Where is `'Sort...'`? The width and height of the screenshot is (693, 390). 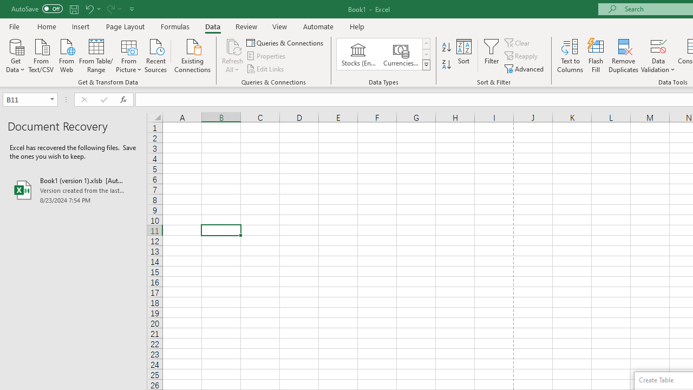 'Sort...' is located at coordinates (463, 56).